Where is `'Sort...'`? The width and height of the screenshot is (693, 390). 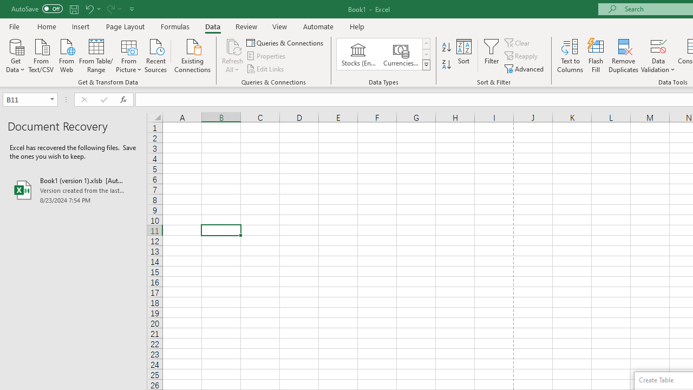 'Sort...' is located at coordinates (463, 56).